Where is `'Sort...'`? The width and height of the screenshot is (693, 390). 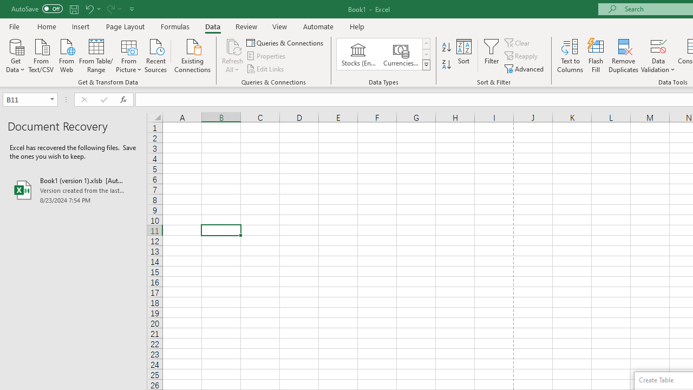 'Sort...' is located at coordinates (463, 56).